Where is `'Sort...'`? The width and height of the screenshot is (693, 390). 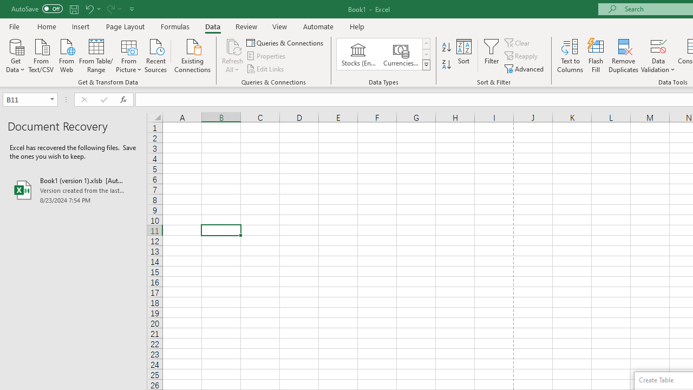 'Sort...' is located at coordinates (463, 56).